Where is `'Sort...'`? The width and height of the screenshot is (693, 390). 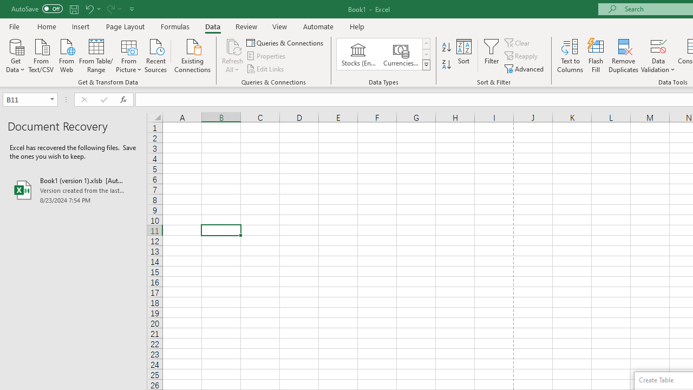 'Sort...' is located at coordinates (463, 56).